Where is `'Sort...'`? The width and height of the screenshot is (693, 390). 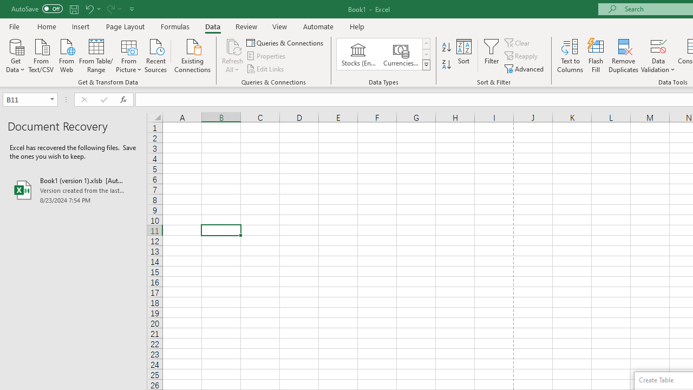 'Sort...' is located at coordinates (463, 56).